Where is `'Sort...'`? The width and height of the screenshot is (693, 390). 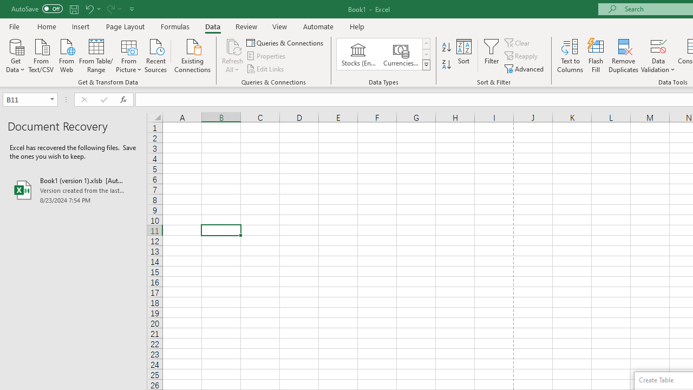 'Sort...' is located at coordinates (463, 56).